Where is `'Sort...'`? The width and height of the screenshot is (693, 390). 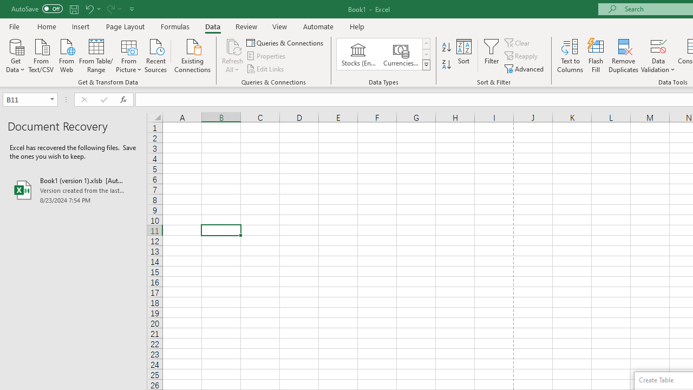 'Sort...' is located at coordinates (463, 56).